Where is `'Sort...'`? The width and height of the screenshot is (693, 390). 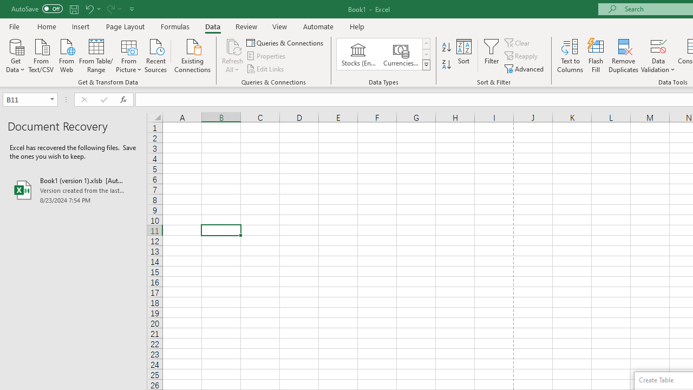 'Sort...' is located at coordinates (463, 56).